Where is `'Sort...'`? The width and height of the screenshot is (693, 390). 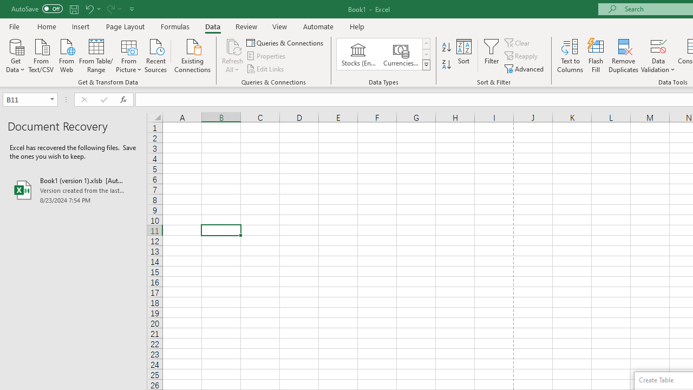 'Sort...' is located at coordinates (463, 56).